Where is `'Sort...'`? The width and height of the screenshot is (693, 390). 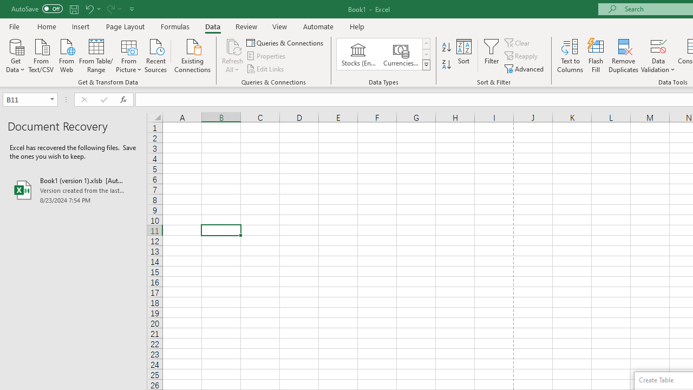 'Sort...' is located at coordinates (463, 56).